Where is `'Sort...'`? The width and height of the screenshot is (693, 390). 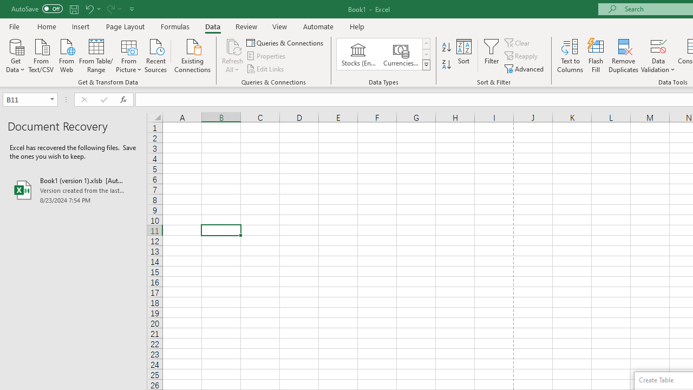 'Sort...' is located at coordinates (463, 56).